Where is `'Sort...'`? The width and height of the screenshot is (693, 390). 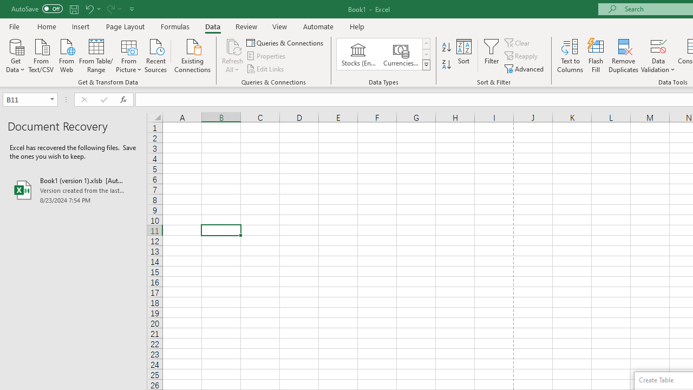 'Sort...' is located at coordinates (463, 56).